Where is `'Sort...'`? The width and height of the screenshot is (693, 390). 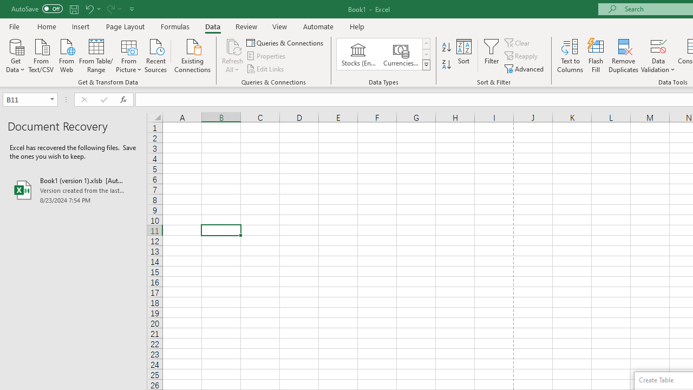 'Sort...' is located at coordinates (463, 56).